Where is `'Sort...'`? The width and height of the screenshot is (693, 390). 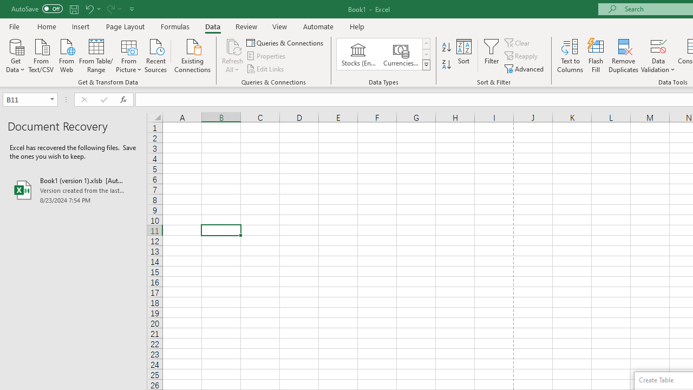 'Sort...' is located at coordinates (463, 56).